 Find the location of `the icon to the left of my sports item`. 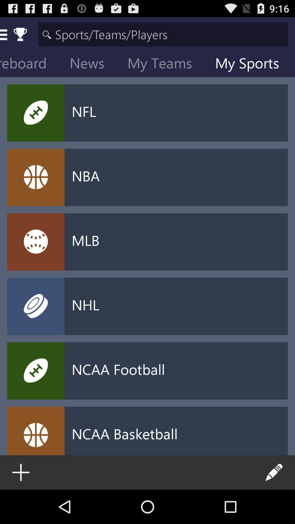

the icon to the left of my sports item is located at coordinates (164, 64).